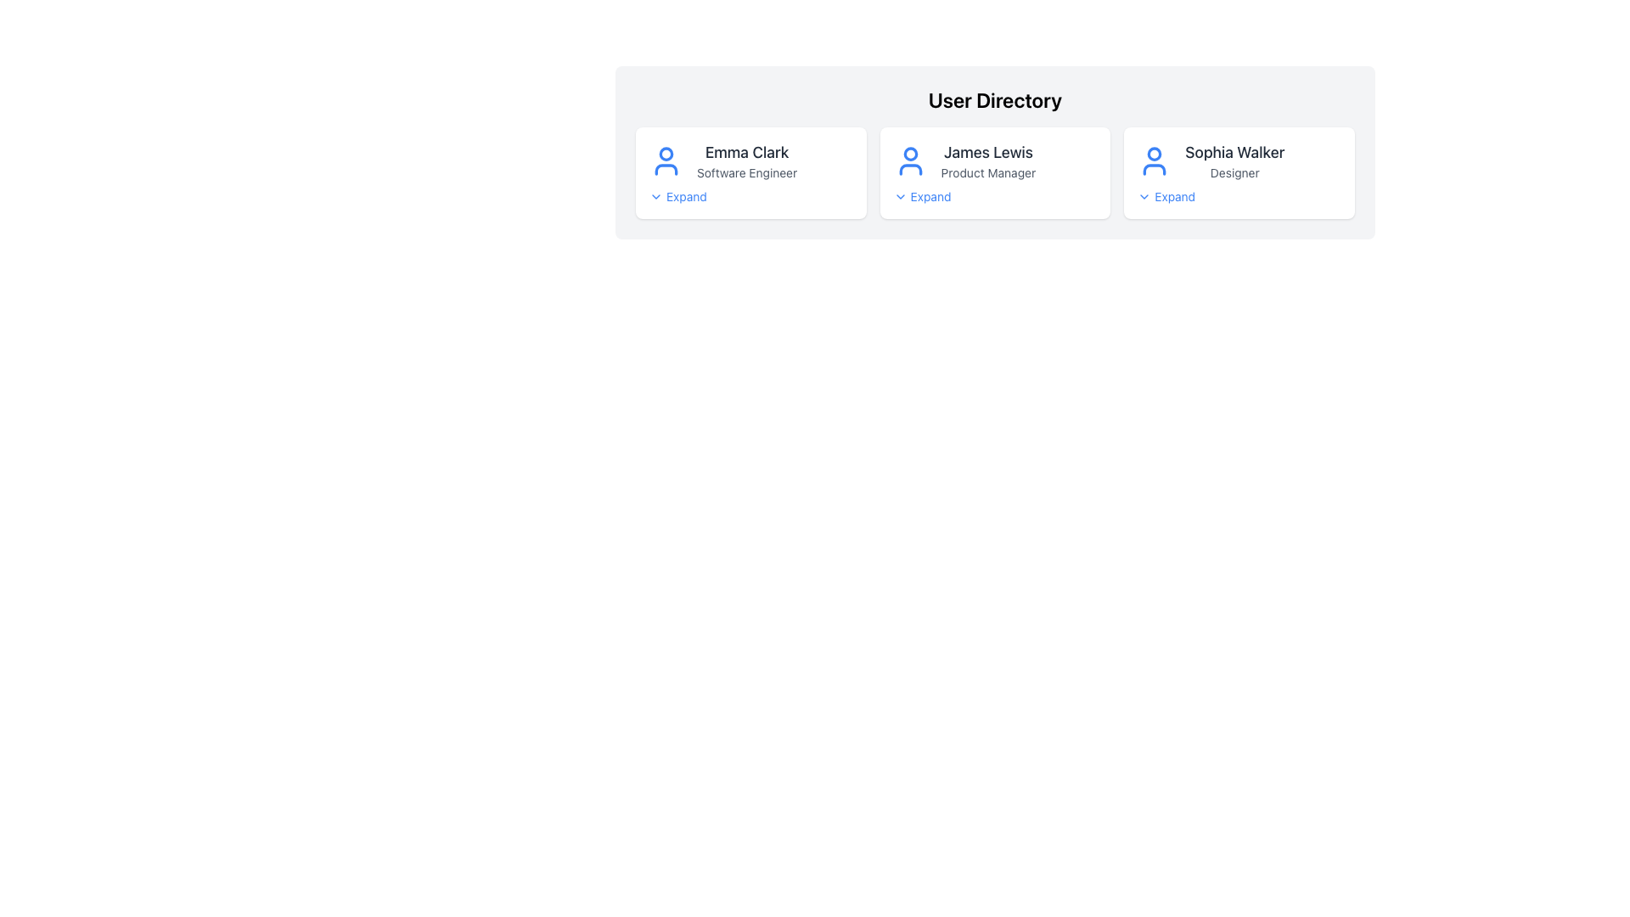  Describe the element at coordinates (988, 173) in the screenshot. I see `the text label displaying 'Product Manager', which is styled in a smaller font size and soft gray color, positioned below 'James Lewis' in the User Directory layout` at that location.